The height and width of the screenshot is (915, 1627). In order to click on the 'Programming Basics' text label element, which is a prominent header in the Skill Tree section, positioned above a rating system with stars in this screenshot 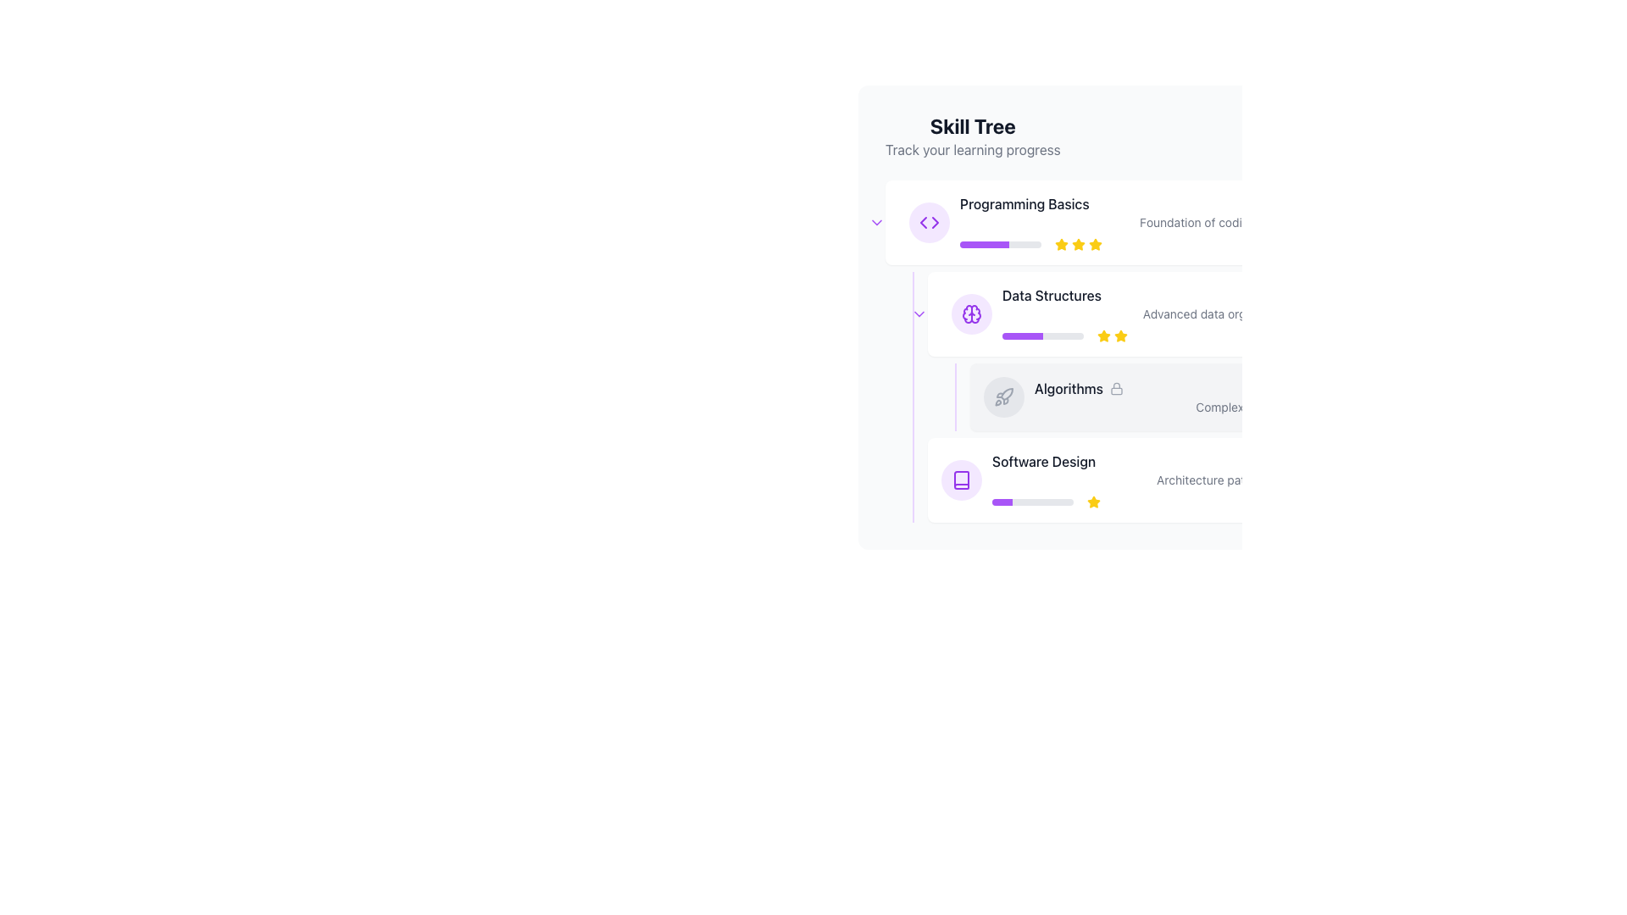, I will do `click(1024, 202)`.